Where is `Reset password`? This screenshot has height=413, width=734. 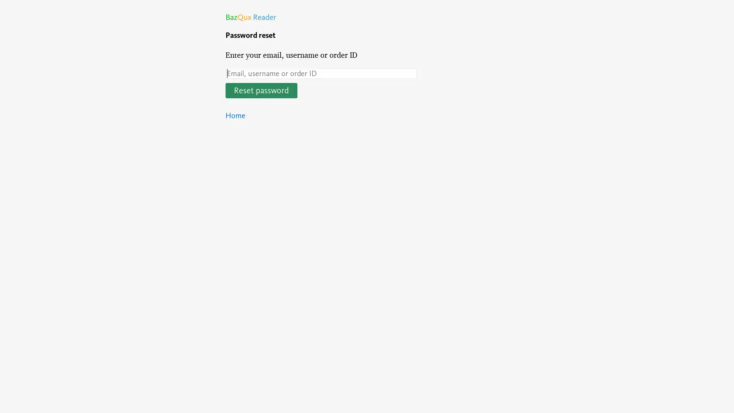
Reset password is located at coordinates (261, 90).